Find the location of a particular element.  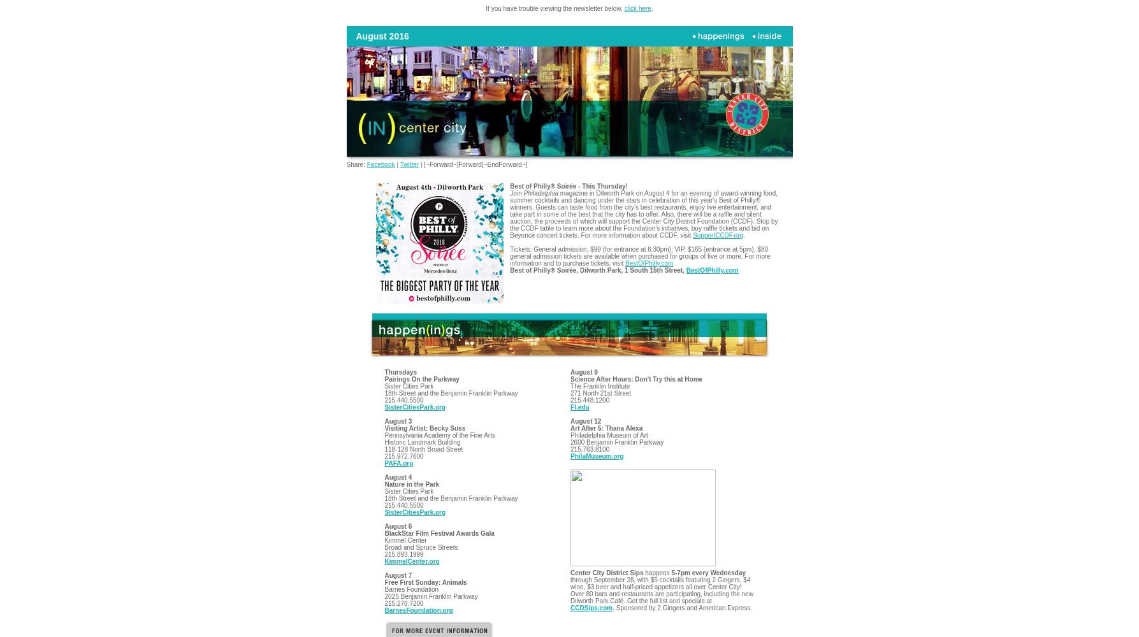

'Pennsylvania Academy of the Fine Arts' is located at coordinates (439, 435).